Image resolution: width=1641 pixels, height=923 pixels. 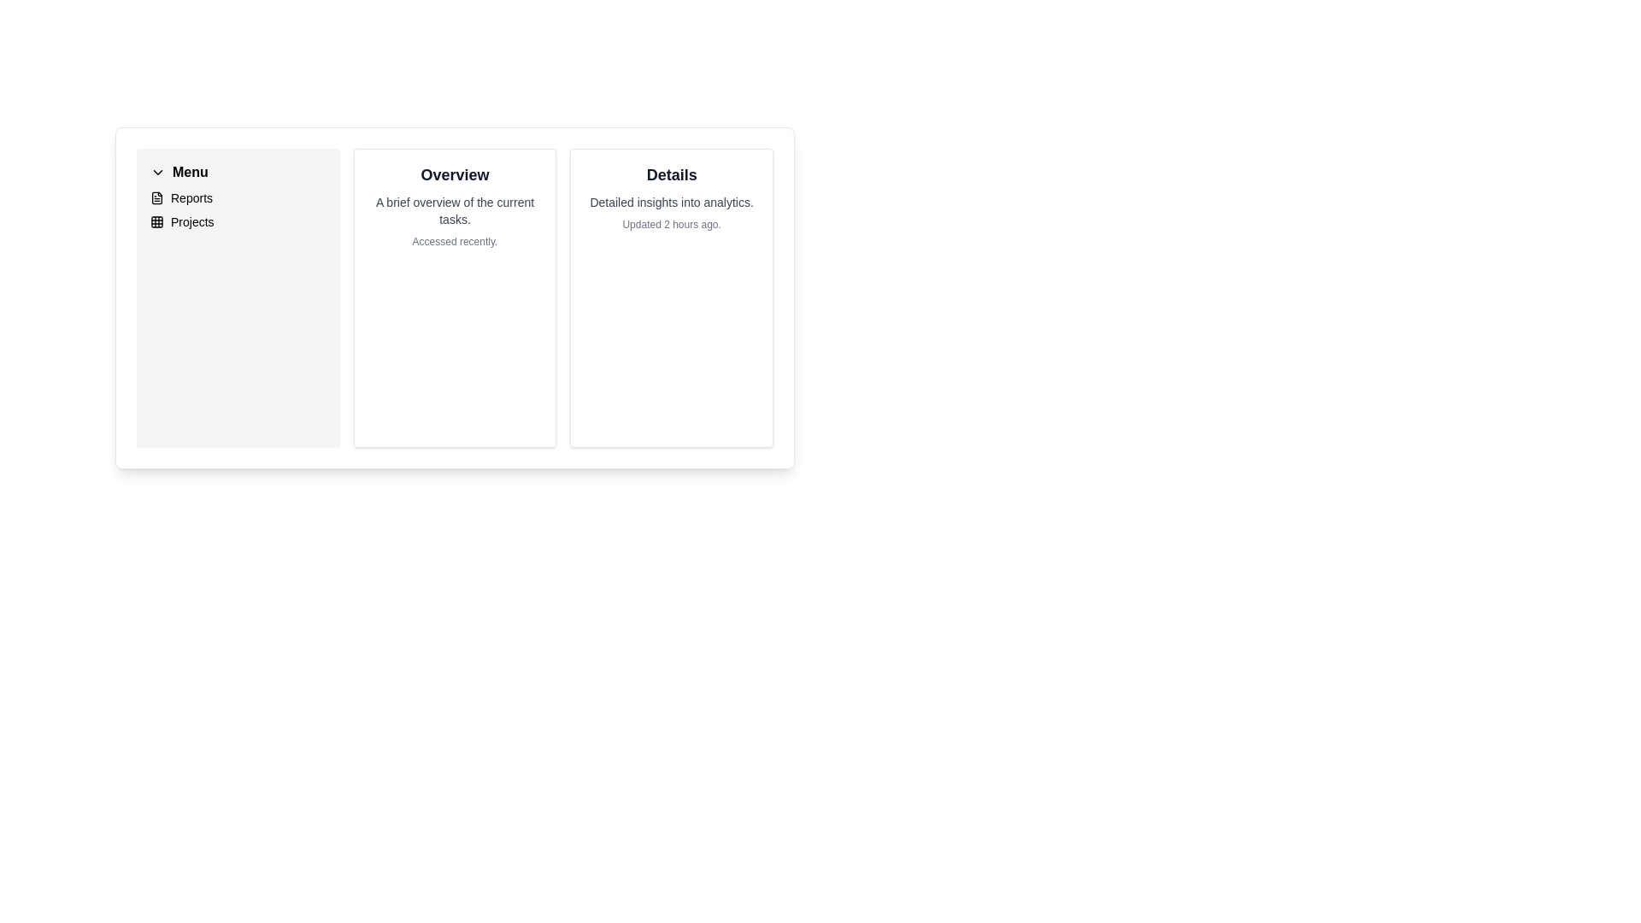 What do you see at coordinates (671, 174) in the screenshot?
I see `text from the static text header or label at the top of the rightmost card, which serves as the title indicating the card's content or purpose` at bounding box center [671, 174].